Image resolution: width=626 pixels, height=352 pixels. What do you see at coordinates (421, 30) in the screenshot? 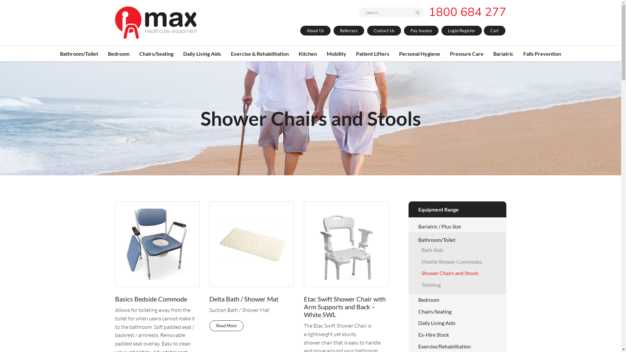
I see `'Pay Invoice'` at bounding box center [421, 30].